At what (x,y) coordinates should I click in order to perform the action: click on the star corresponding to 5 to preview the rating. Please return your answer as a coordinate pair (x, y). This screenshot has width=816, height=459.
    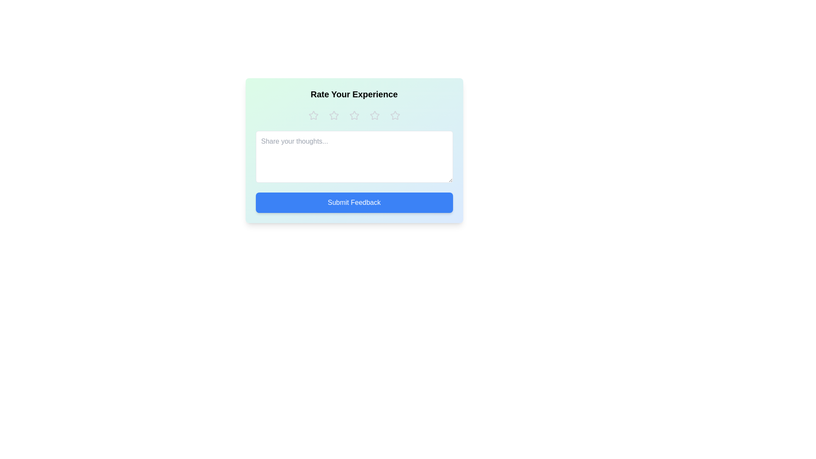
    Looking at the image, I should click on (394, 116).